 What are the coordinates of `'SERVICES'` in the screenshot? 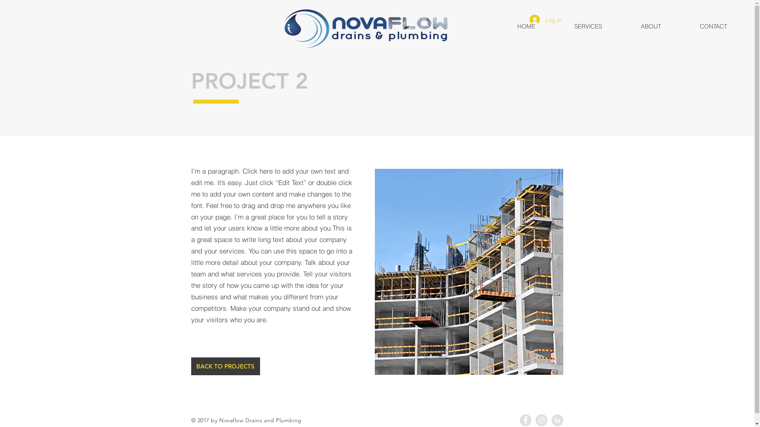 It's located at (587, 26).